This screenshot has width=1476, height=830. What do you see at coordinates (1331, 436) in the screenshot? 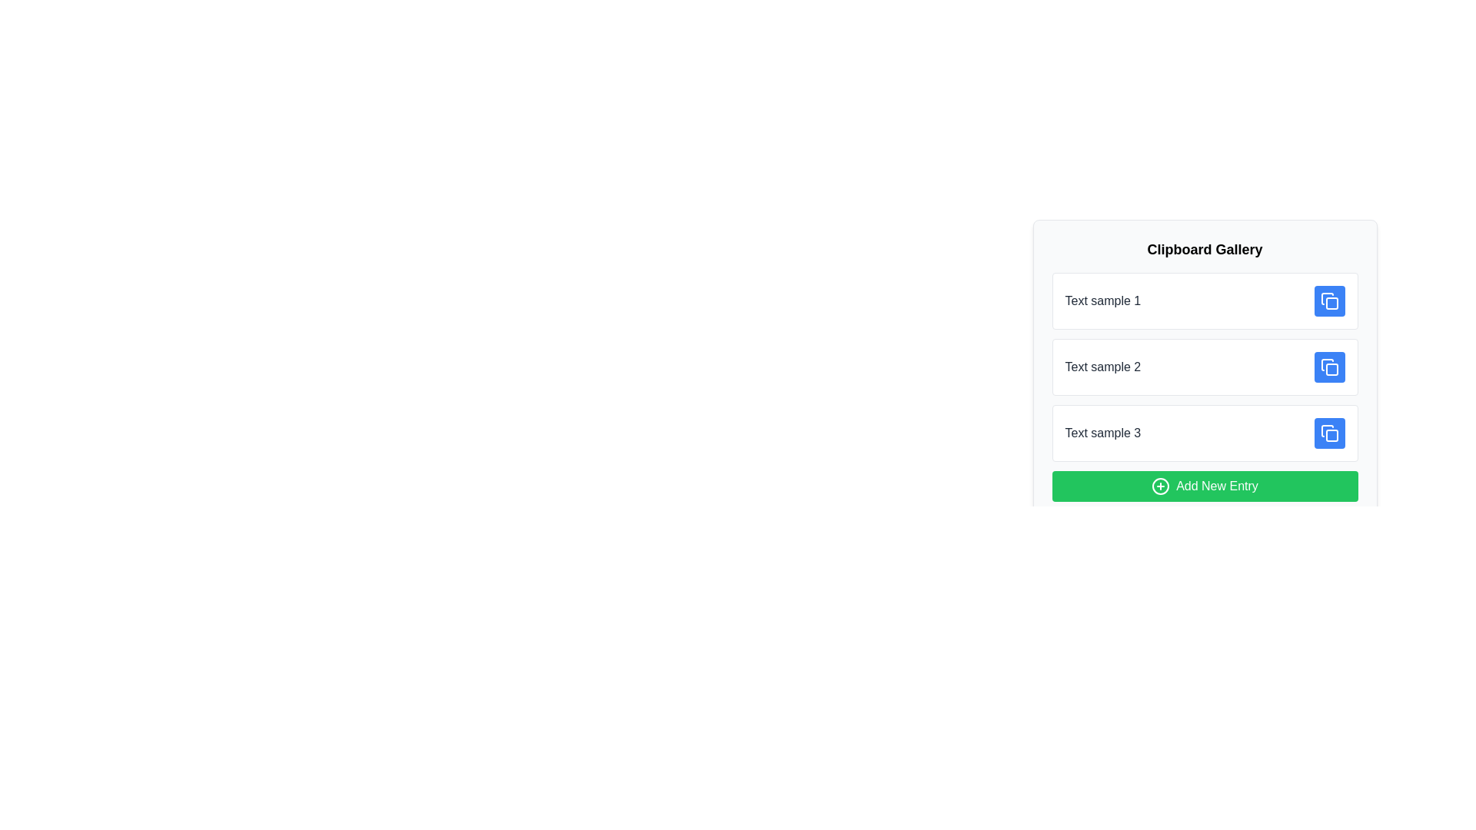
I see `the 'copy' icon element, which is the third action button in the Clipboard Gallery interface` at bounding box center [1331, 436].